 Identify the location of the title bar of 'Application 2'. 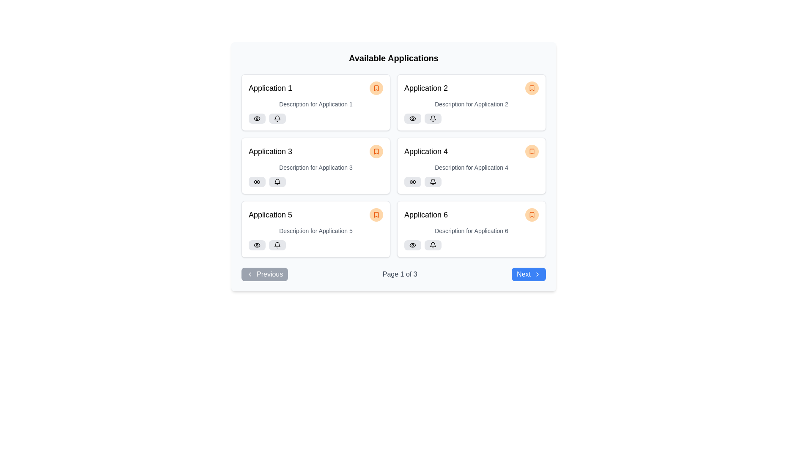
(471, 88).